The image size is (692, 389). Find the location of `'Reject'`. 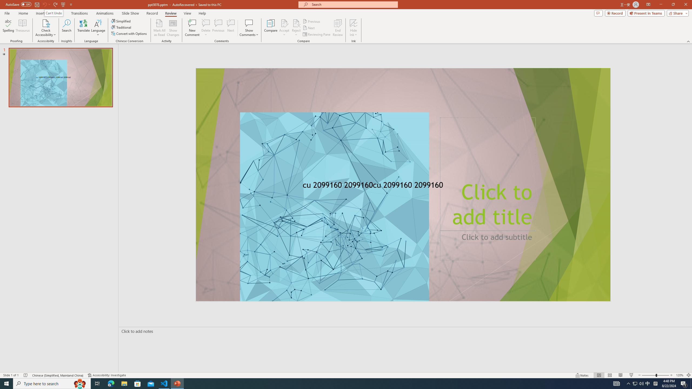

'Reject' is located at coordinates (296, 28).